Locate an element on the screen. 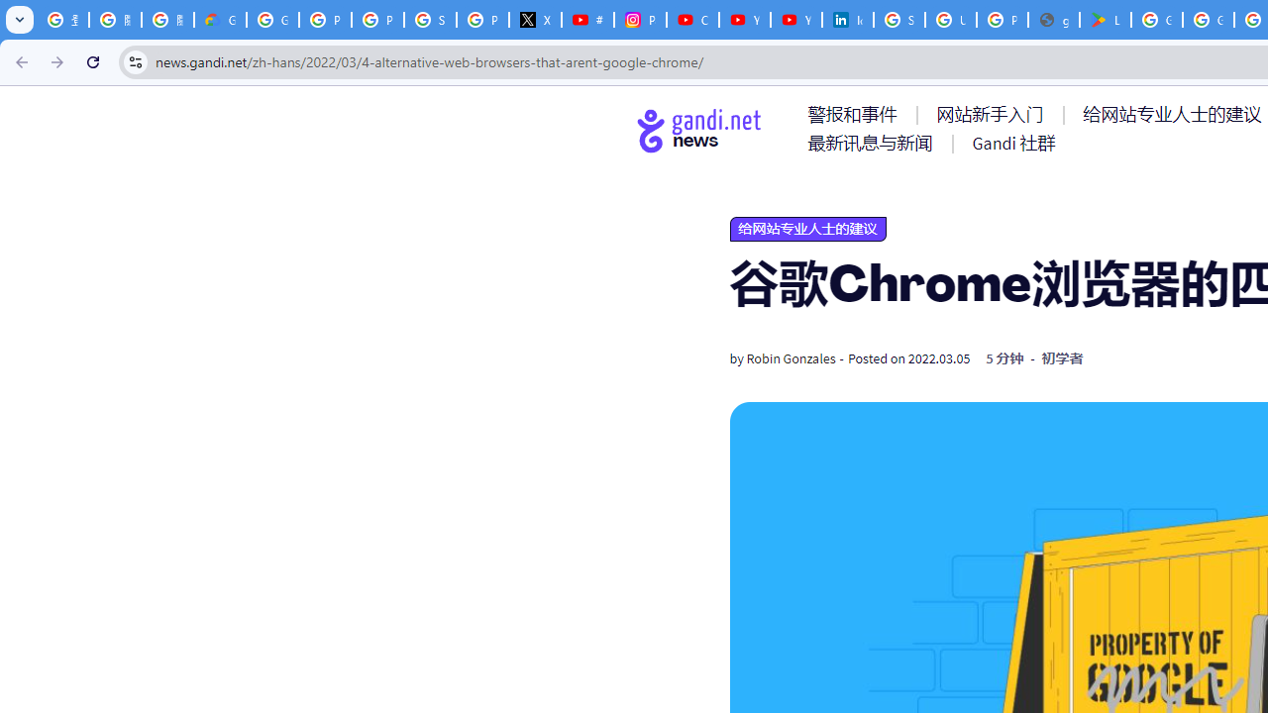 The width and height of the screenshot is (1268, 713). 'Google Workspace - Specific Terms' is located at coordinates (1207, 20).